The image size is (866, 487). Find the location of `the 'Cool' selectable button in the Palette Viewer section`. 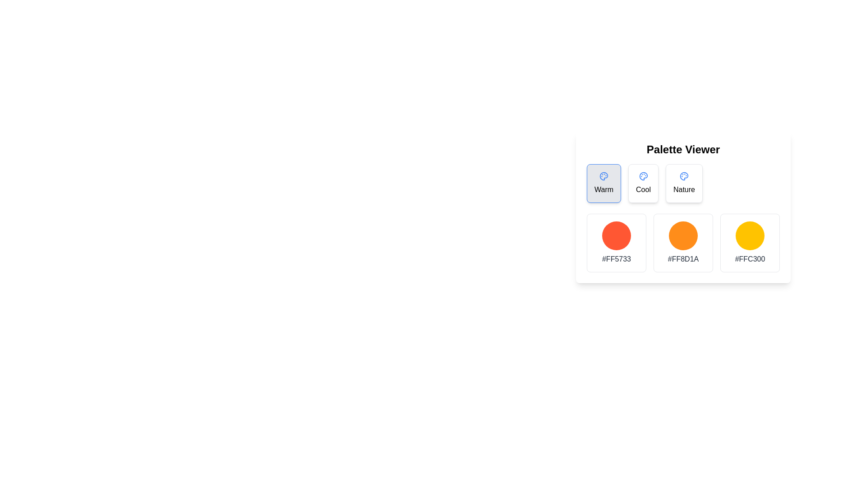

the 'Cool' selectable button in the Palette Viewer section is located at coordinates (643, 183).